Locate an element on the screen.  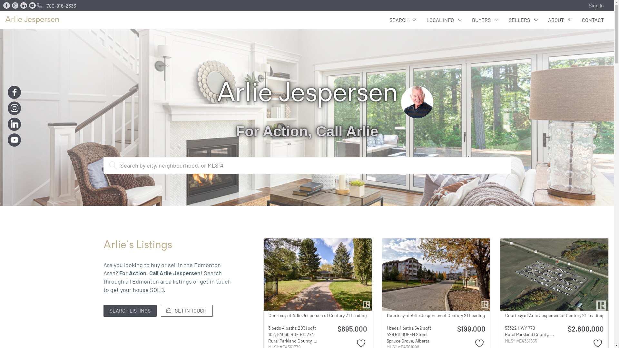
'CONTACT' is located at coordinates (593, 19).